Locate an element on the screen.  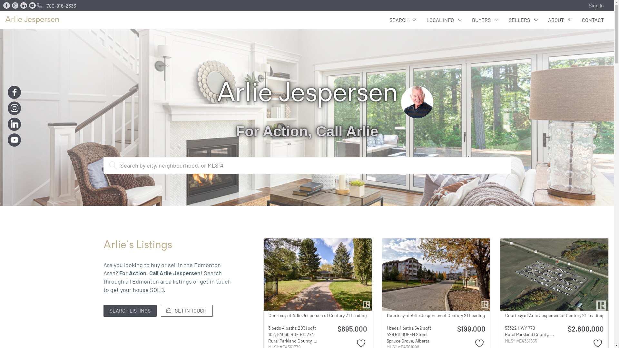
'CONTACT' is located at coordinates (593, 19).